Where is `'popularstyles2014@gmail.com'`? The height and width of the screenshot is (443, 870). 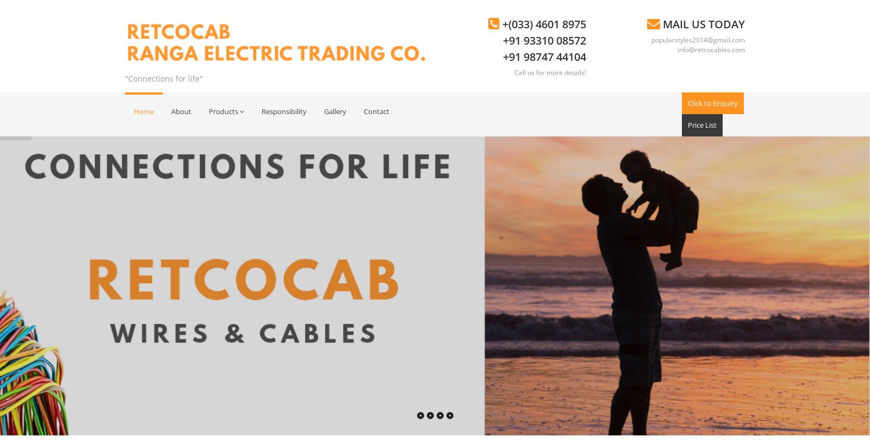 'popularstyles2014@gmail.com' is located at coordinates (698, 39).